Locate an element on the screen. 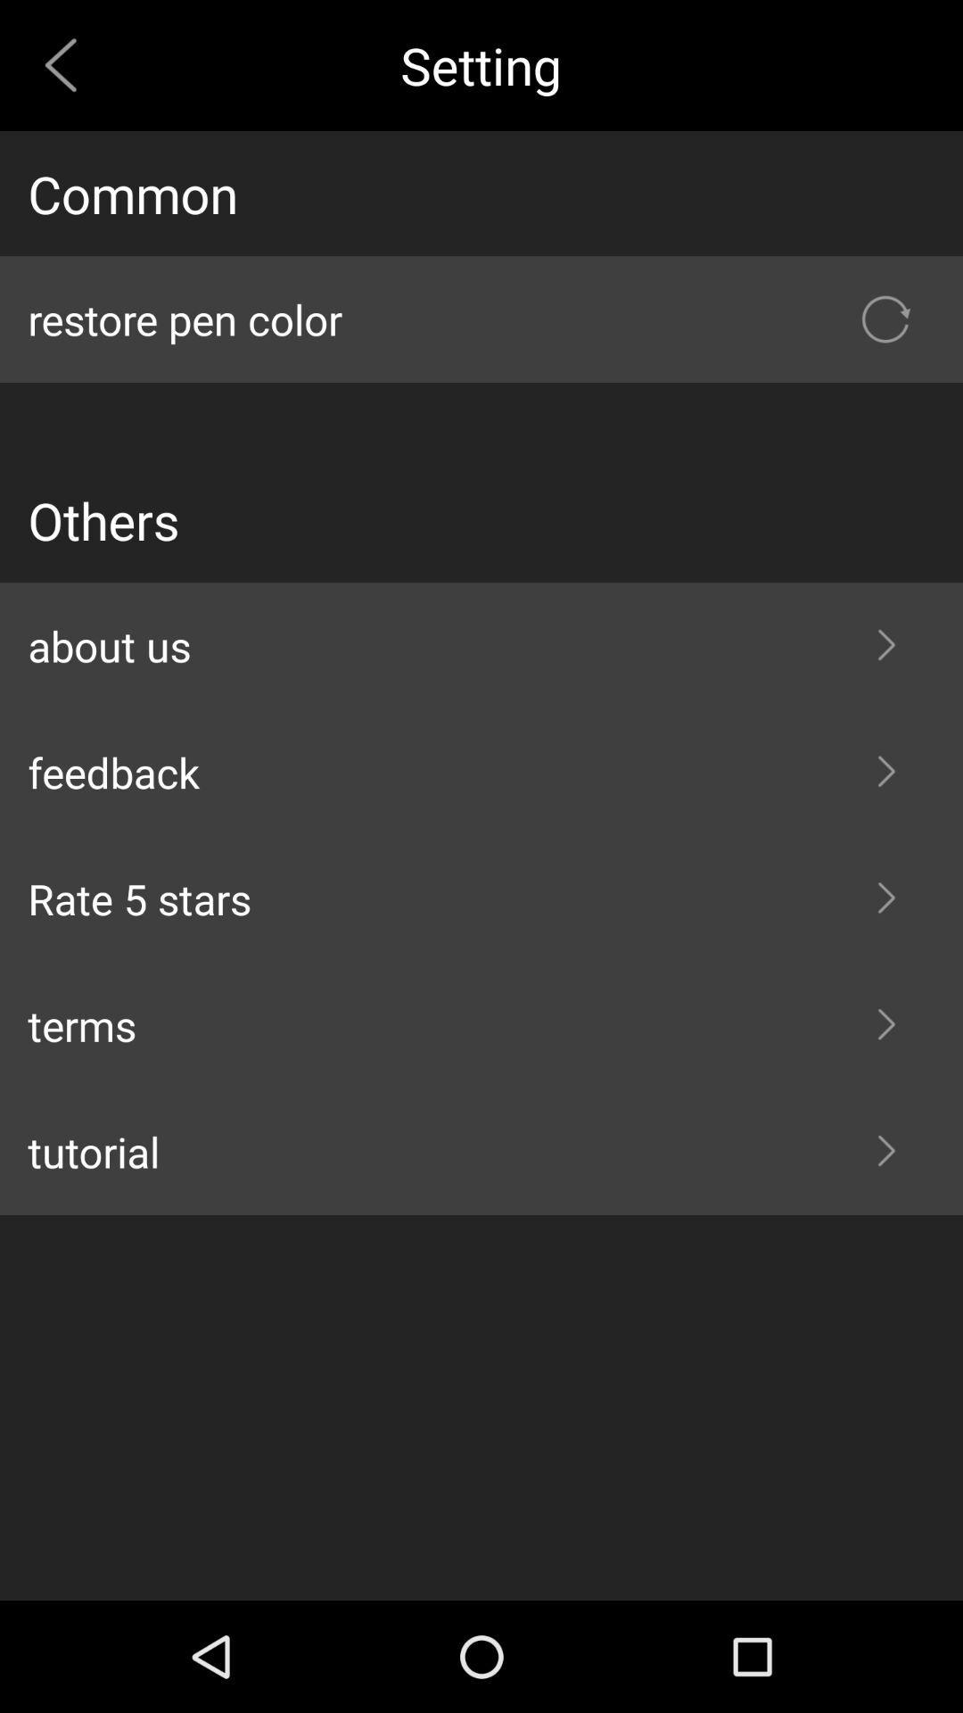 This screenshot has height=1713, width=963. the rate 5 stars item is located at coordinates (481, 898).